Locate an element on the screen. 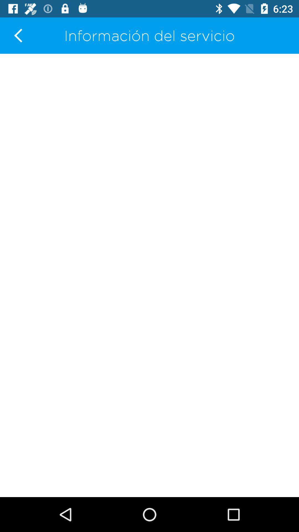 This screenshot has width=299, height=532. the icon at the center is located at coordinates (149, 275).